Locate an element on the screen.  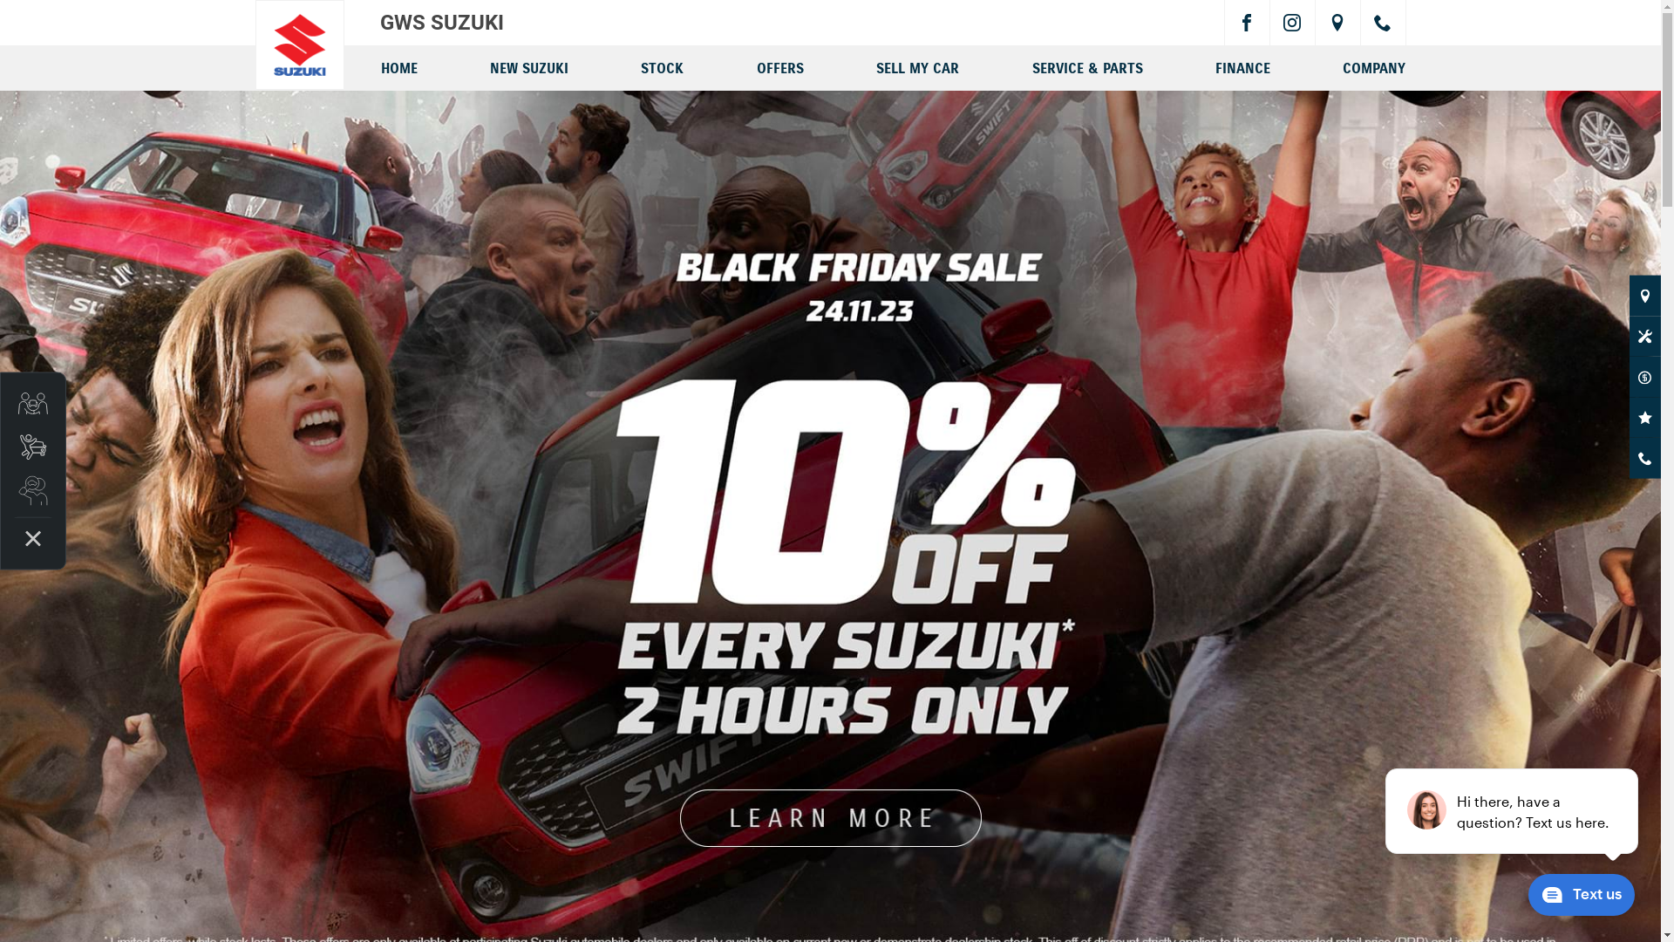
'HOME' is located at coordinates (397, 66).